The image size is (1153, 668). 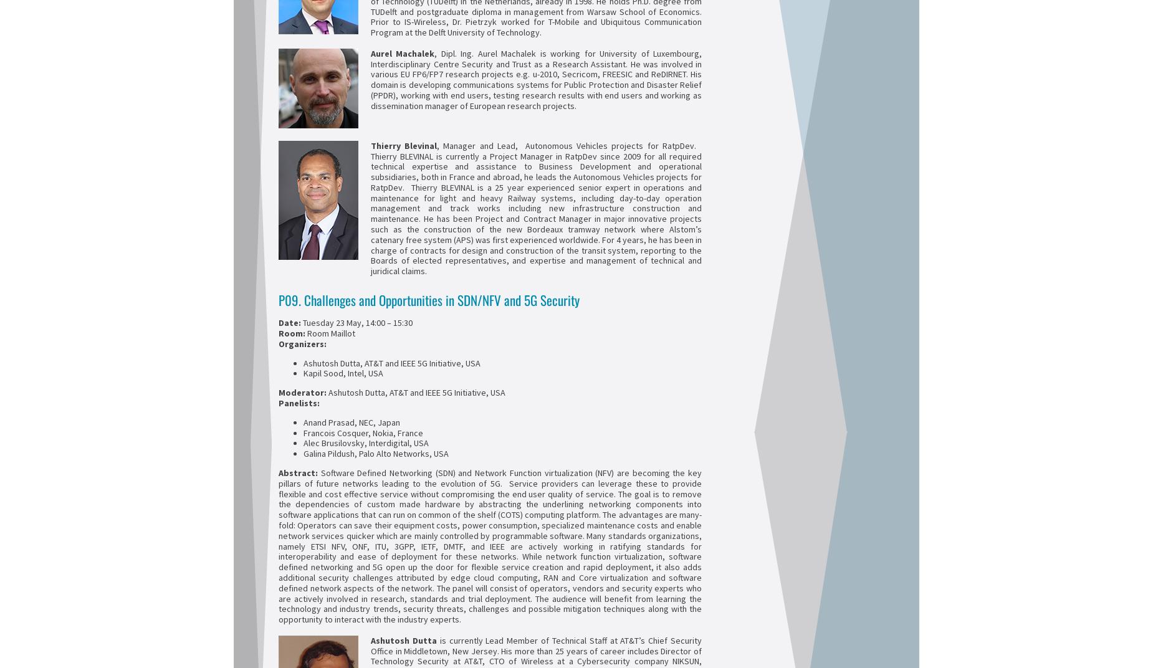 What do you see at coordinates (303, 373) in the screenshot?
I see `'Kapil Sood, Intel, USA'` at bounding box center [303, 373].